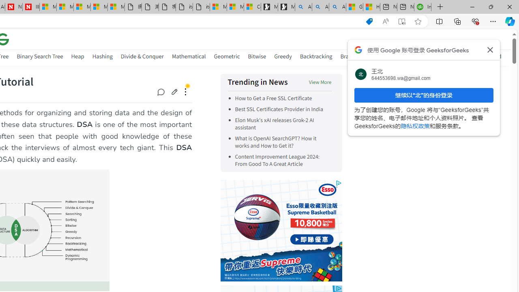 This screenshot has height=292, width=519. I want to click on 'Newsweek - News, Analysis, Politics, Business, Technology', so click(13, 7).